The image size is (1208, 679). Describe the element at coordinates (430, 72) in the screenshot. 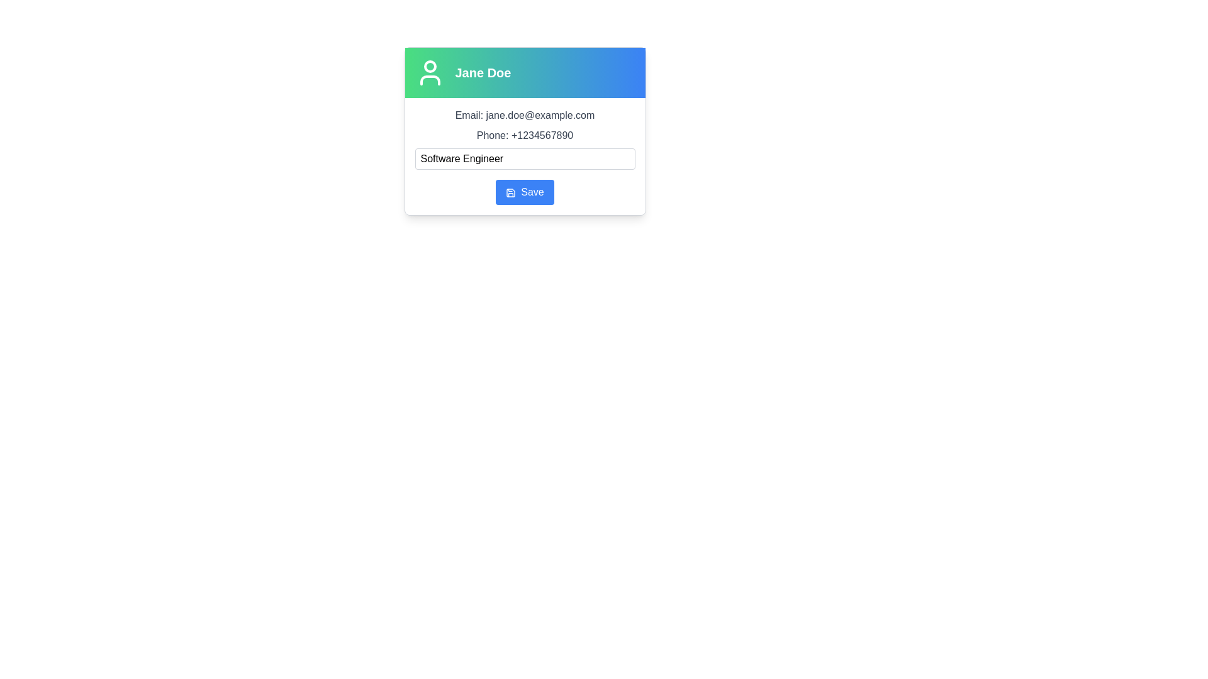

I see `the user silhouette icon, which is a minimalistic white icon on a gradient green to blue background, located to the left of the text 'Jane Doe' in the user panel` at that location.